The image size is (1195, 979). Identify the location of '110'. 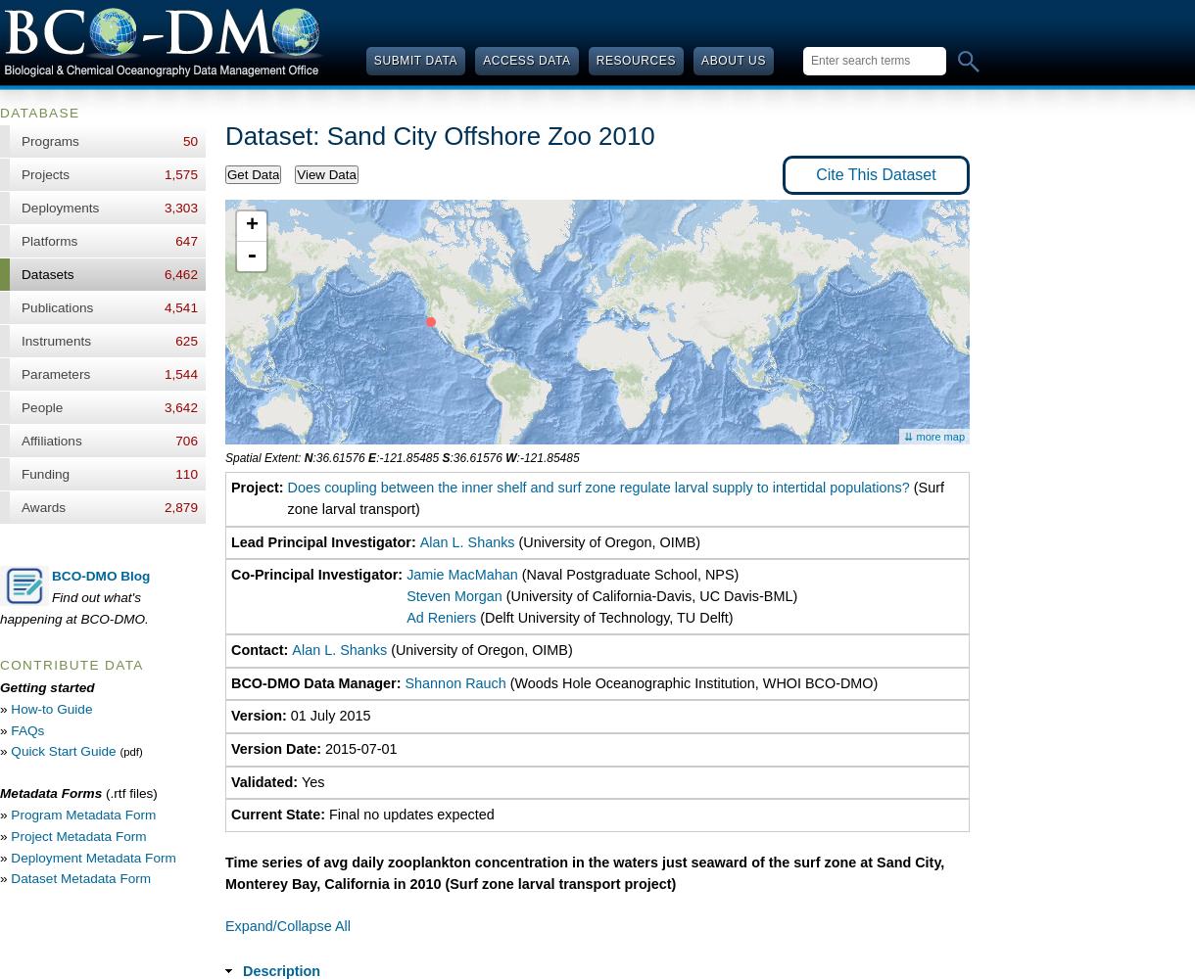
(185, 473).